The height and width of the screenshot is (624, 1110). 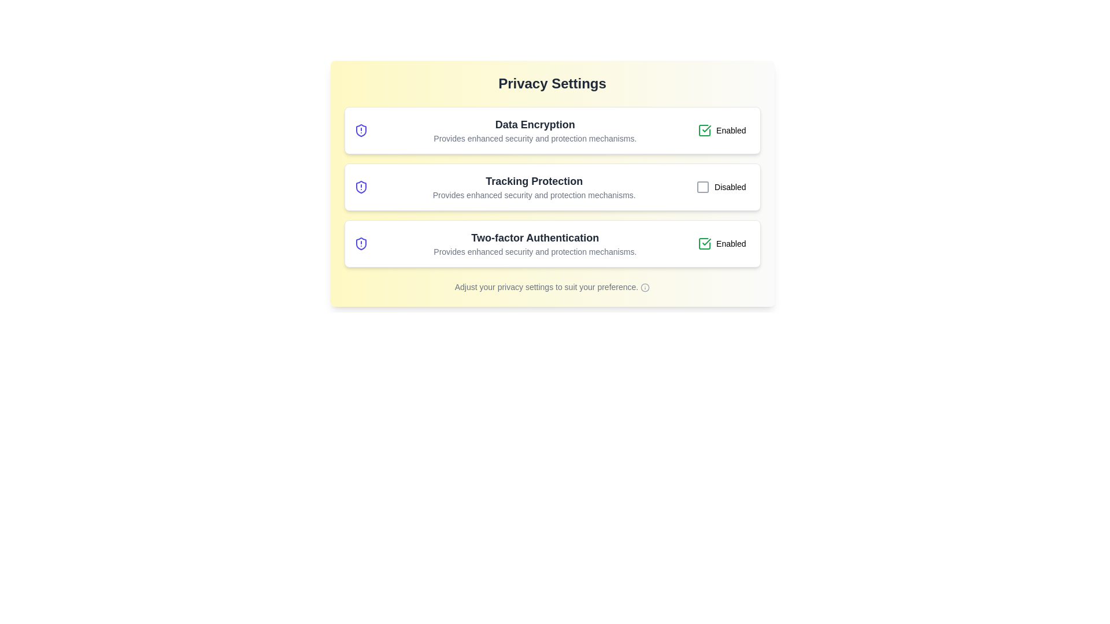 What do you see at coordinates (360, 187) in the screenshot?
I see `the tracking protection icon located to the left of the title 'Tracking Protection' in the 'Privacy Settings' section` at bounding box center [360, 187].